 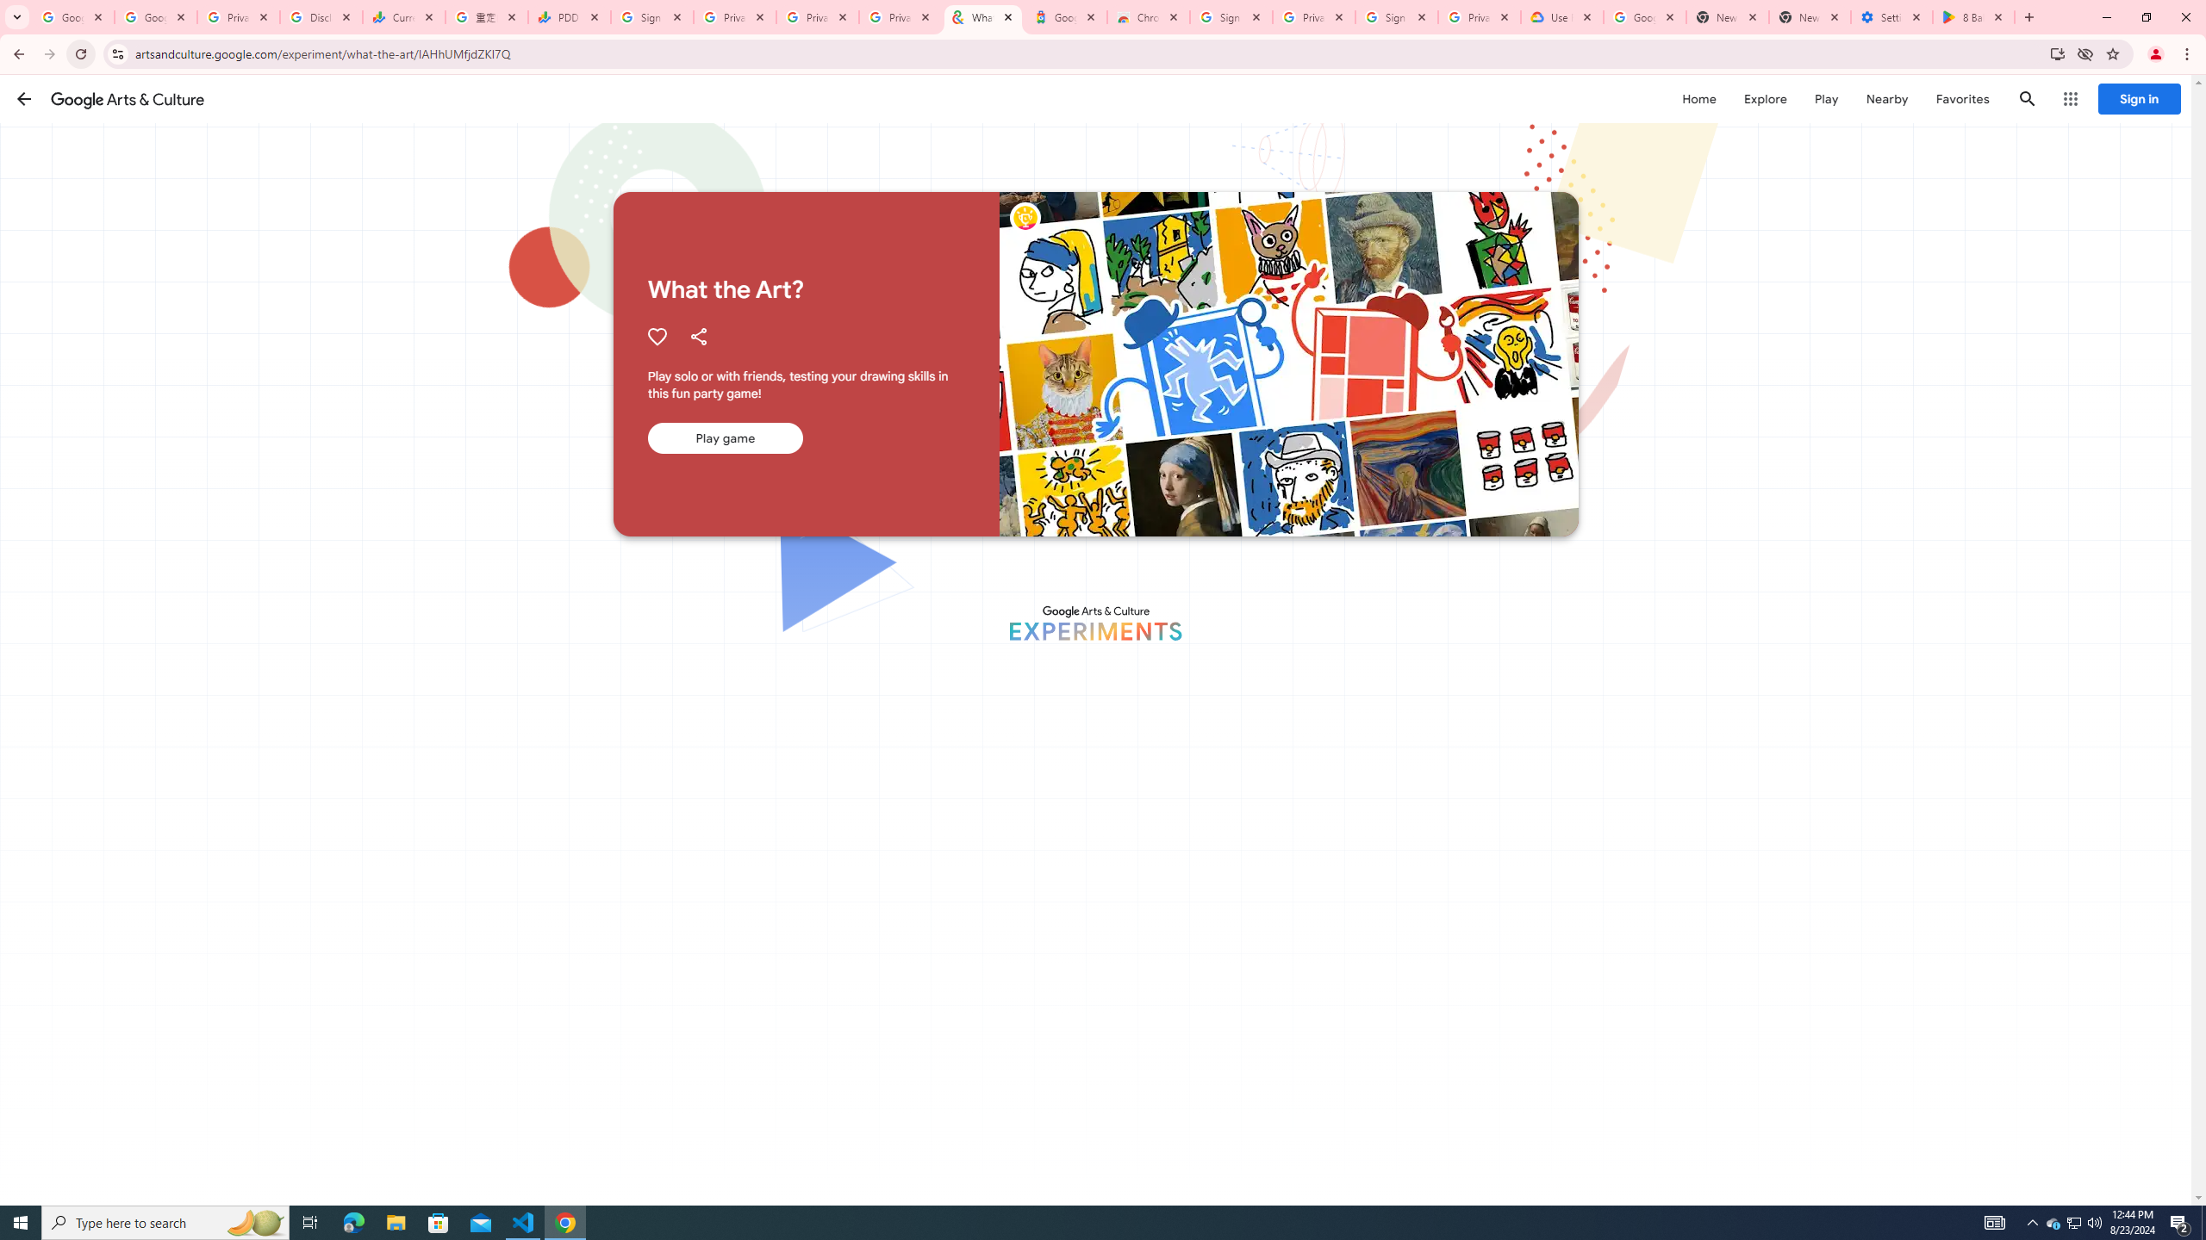 I want to click on 'Settings - System', so click(x=1892, y=16).